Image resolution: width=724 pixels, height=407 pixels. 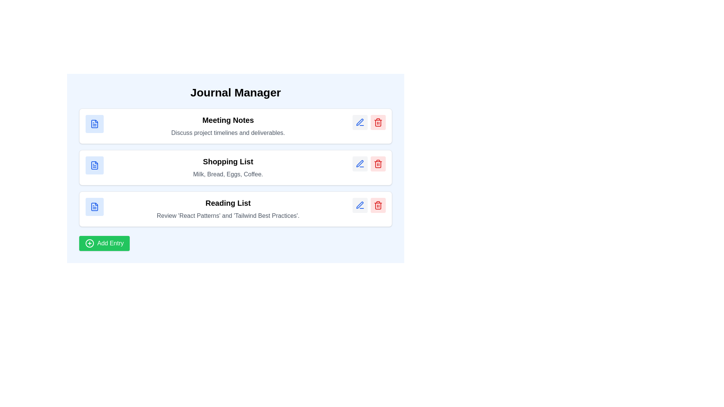 What do you see at coordinates (360, 164) in the screenshot?
I see `the editing button for 'Shopping List'` at bounding box center [360, 164].